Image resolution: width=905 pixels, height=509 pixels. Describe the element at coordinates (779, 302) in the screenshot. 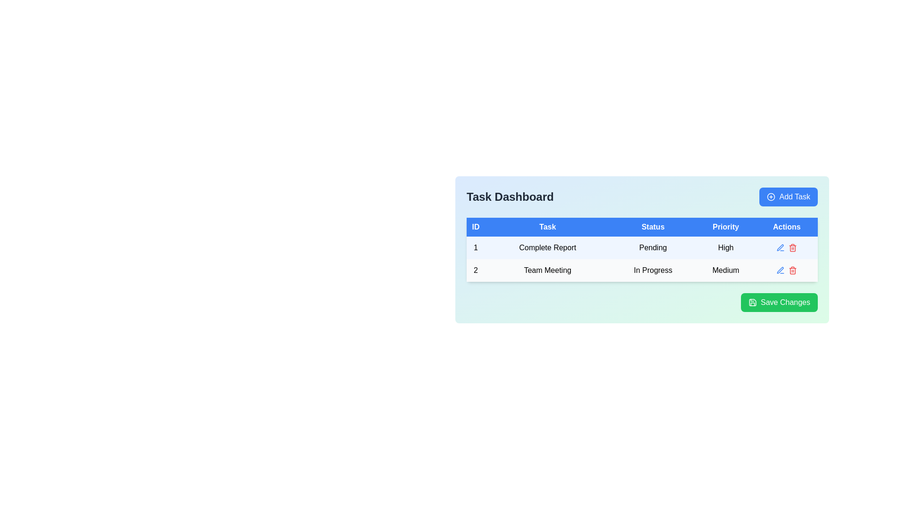

I see `the green 'Save Changes' button with a floppy disk icon` at that location.